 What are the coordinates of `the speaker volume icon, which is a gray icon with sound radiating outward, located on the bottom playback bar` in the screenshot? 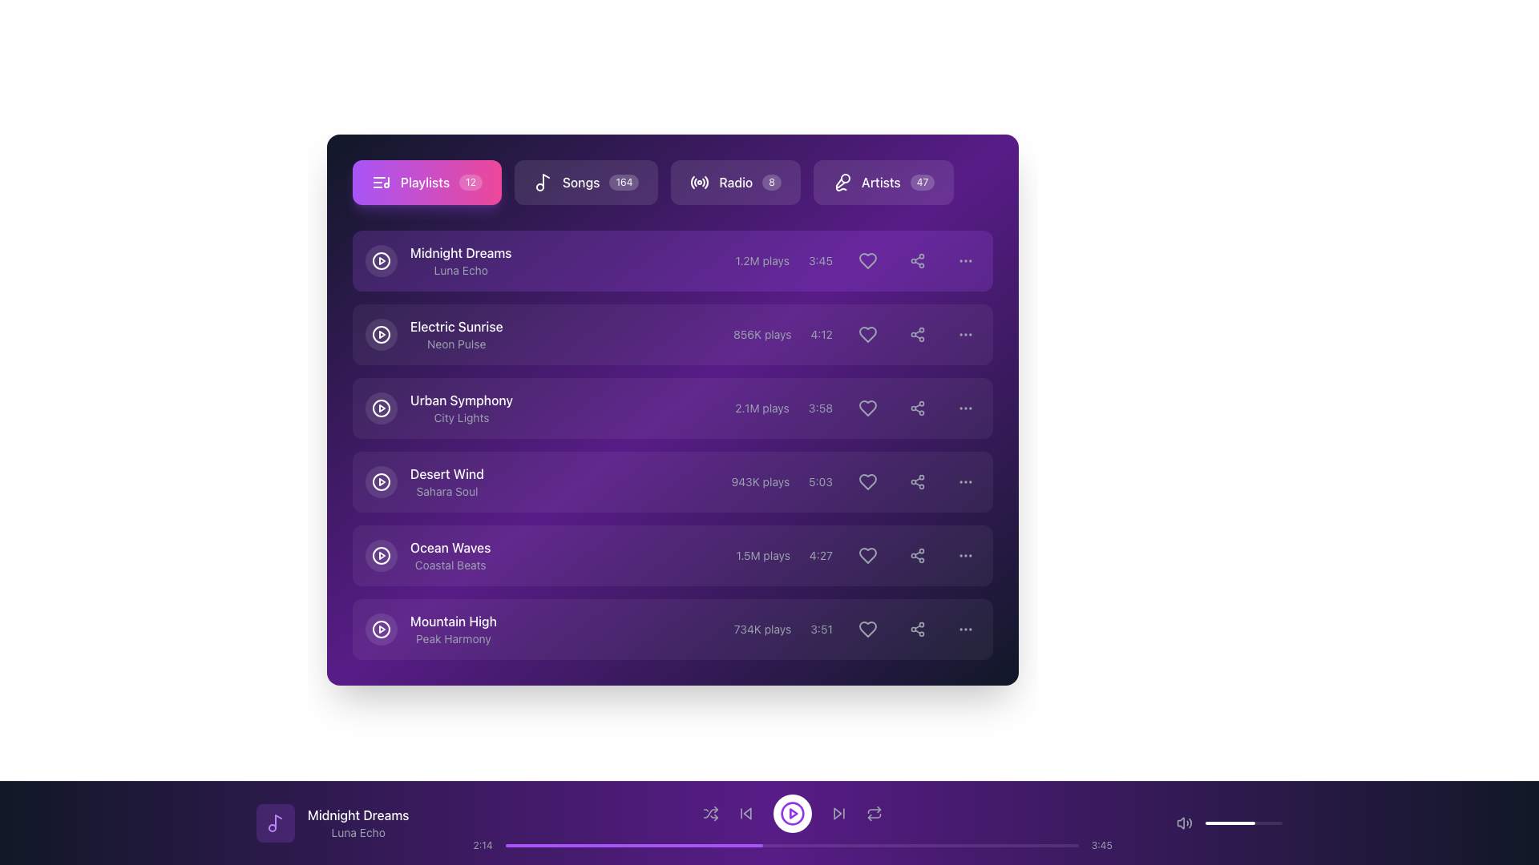 It's located at (1185, 823).